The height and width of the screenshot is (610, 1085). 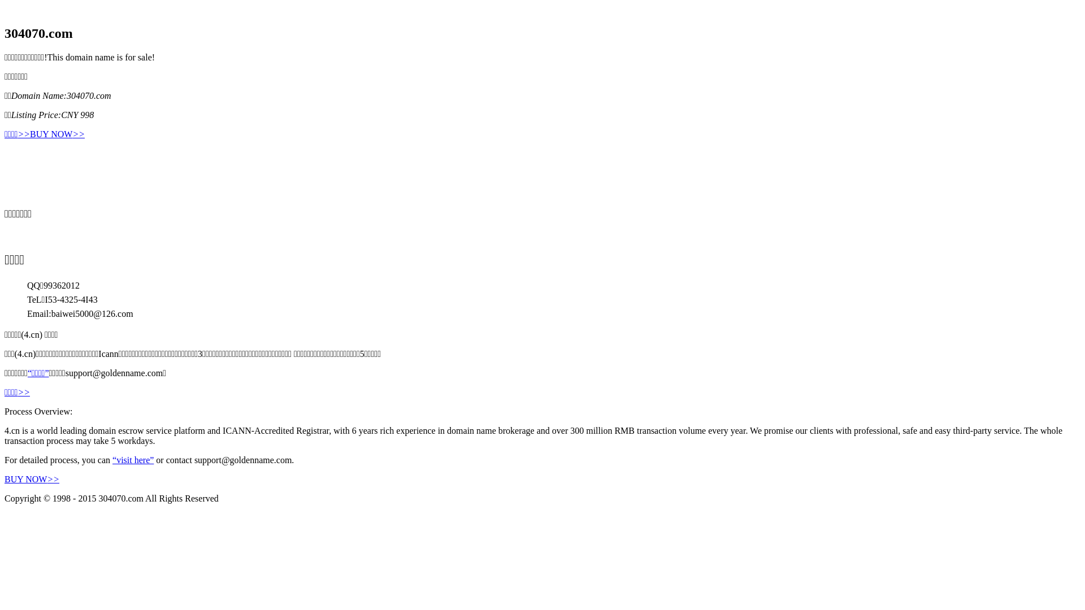 I want to click on 'BUY NOW>>', so click(x=32, y=479).